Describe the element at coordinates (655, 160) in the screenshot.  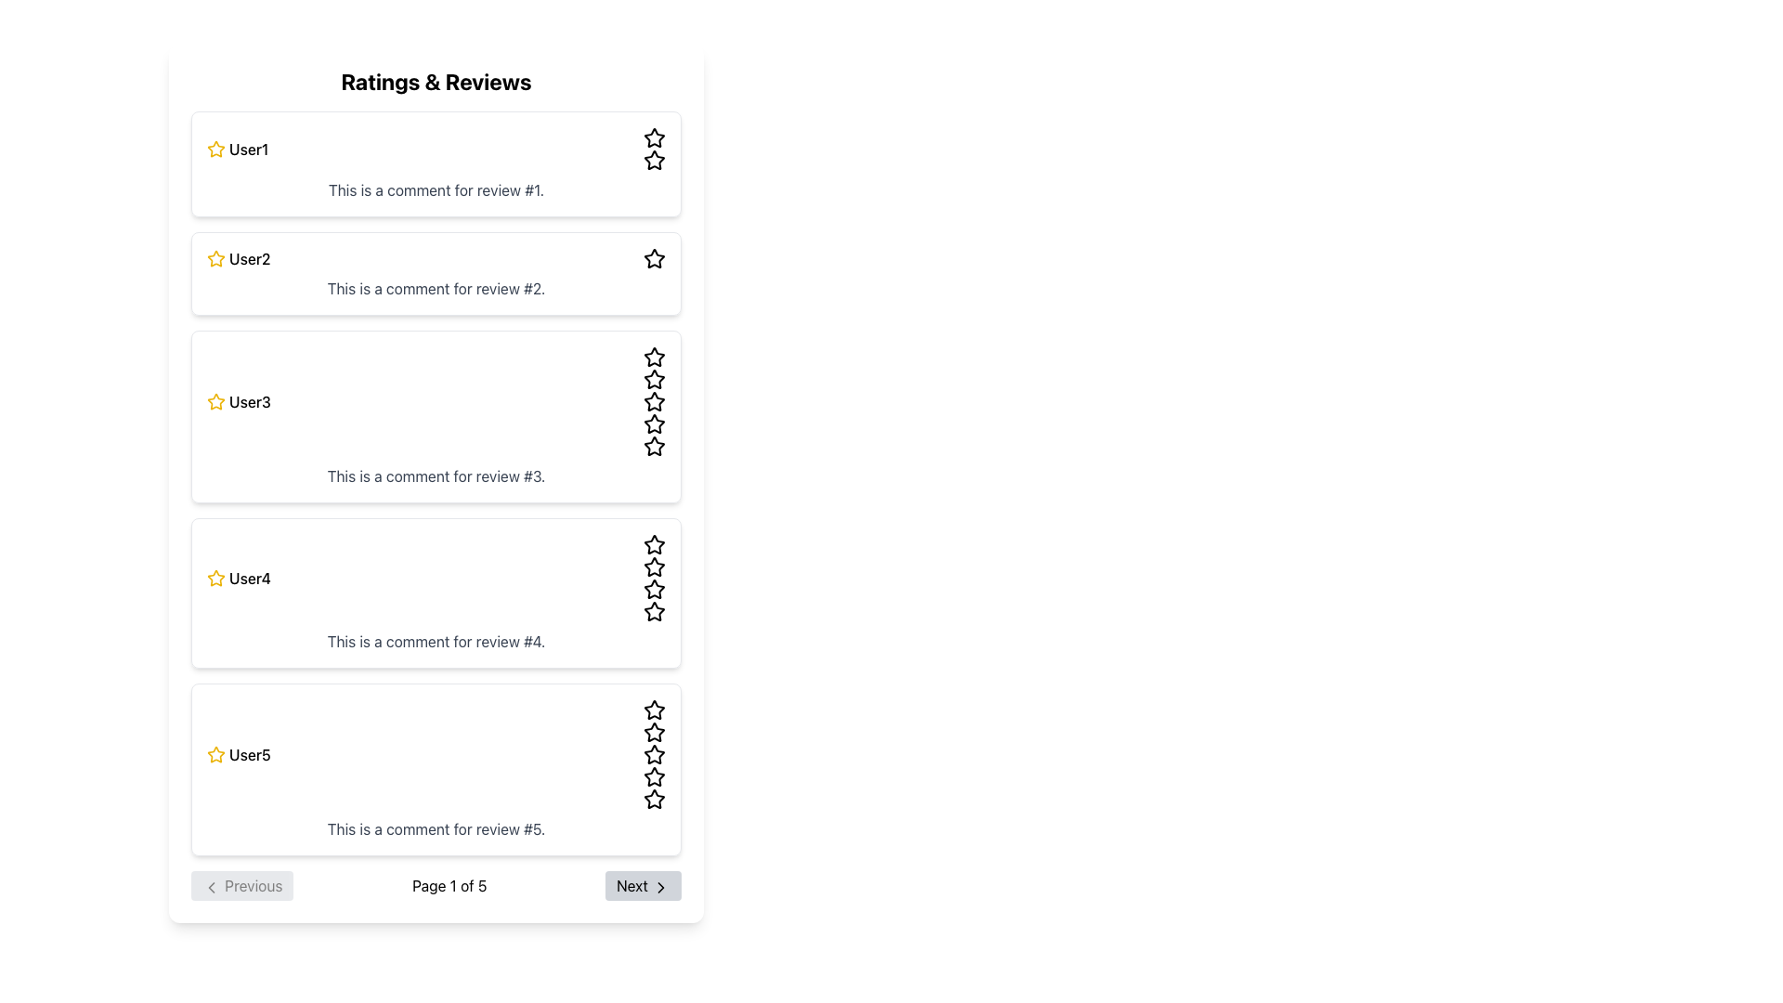
I see `the star icon in the top-right corner of User1's card` at that location.